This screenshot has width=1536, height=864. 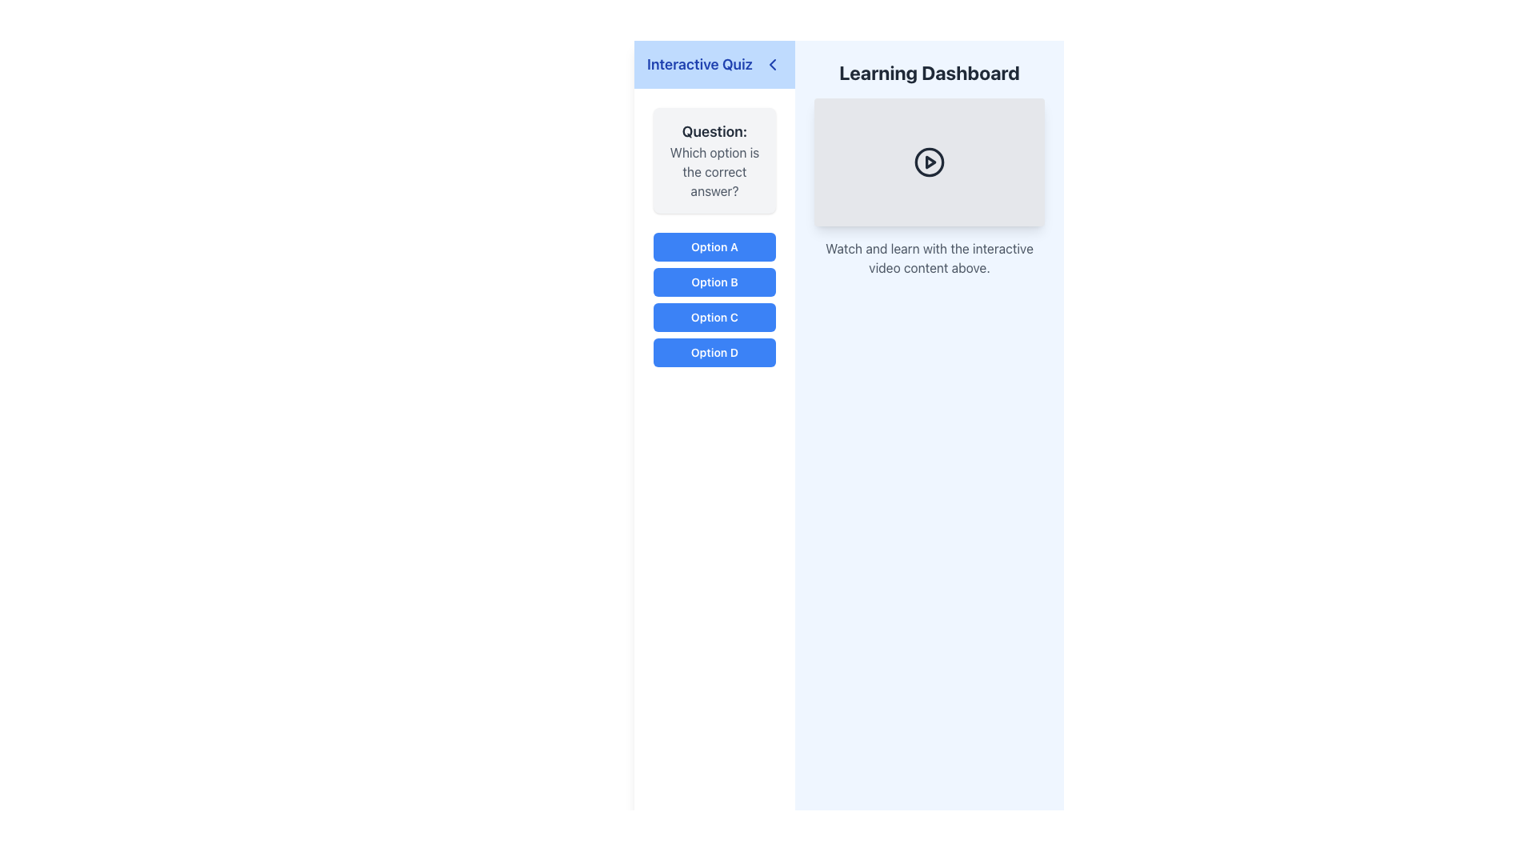 What do you see at coordinates (714, 318) in the screenshot?
I see `the blue rectangular button labeled 'Option C'` at bounding box center [714, 318].